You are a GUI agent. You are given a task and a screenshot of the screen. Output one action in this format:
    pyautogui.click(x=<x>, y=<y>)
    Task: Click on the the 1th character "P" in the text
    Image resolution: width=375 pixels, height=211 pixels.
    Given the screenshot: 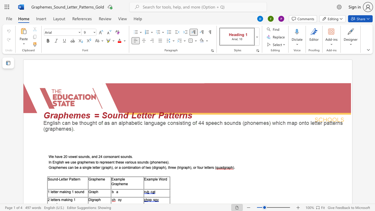 What is the action you would take?
    pyautogui.click(x=70, y=179)
    